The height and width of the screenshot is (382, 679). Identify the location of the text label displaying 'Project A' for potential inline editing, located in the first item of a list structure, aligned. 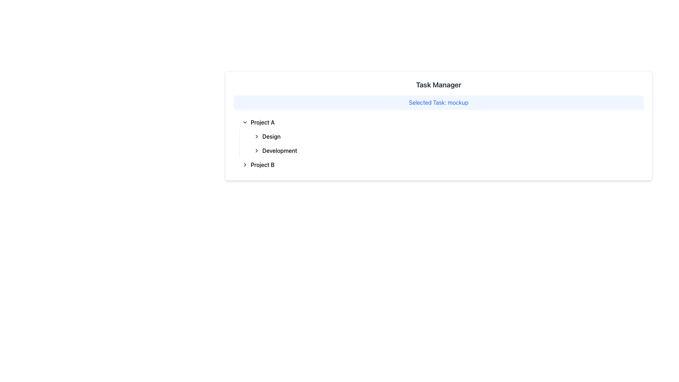
(262, 122).